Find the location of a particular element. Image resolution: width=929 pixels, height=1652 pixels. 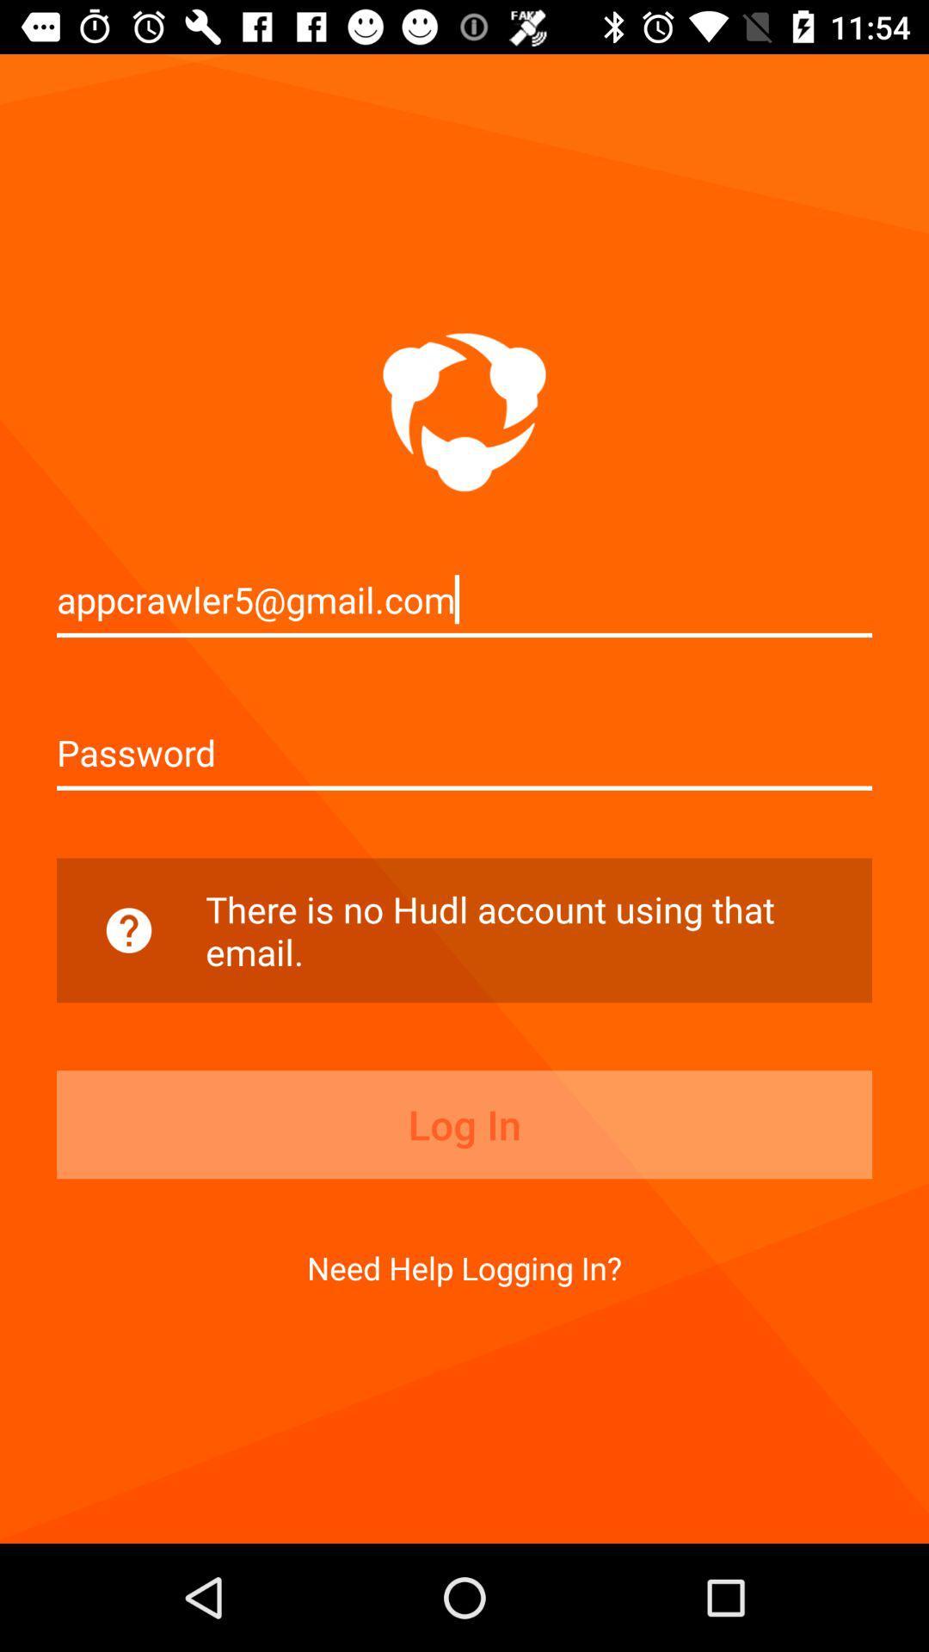

the icon below the log in item is located at coordinates (464, 1267).